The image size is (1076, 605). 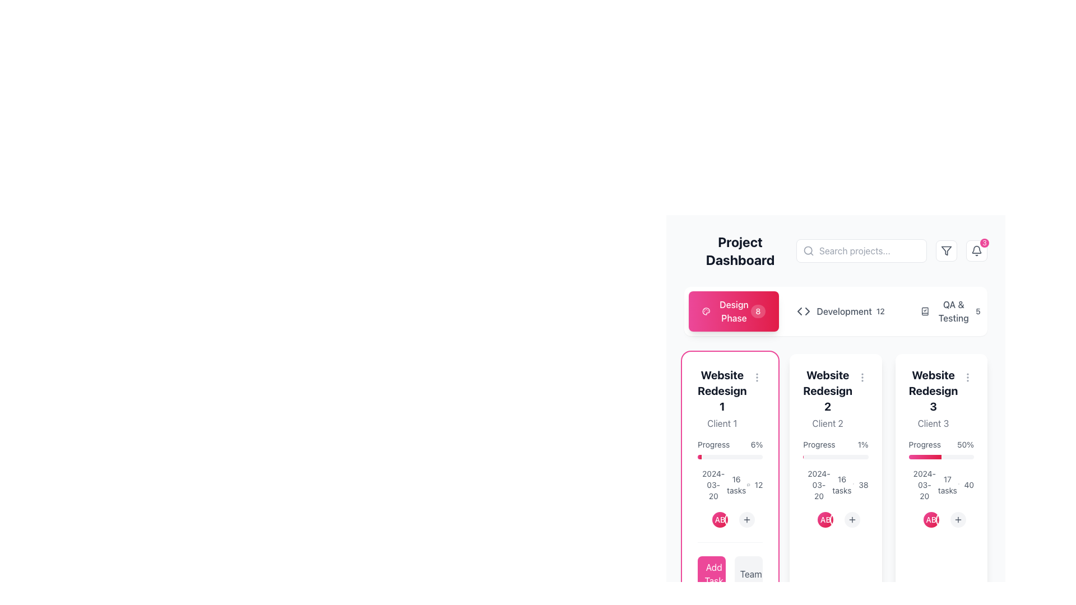 What do you see at coordinates (839, 520) in the screenshot?
I see `the circular button or avatar that serves as an identifier within the 'Website Redesign 2' card, which is the third item in a horizontal list of similar elements` at bounding box center [839, 520].